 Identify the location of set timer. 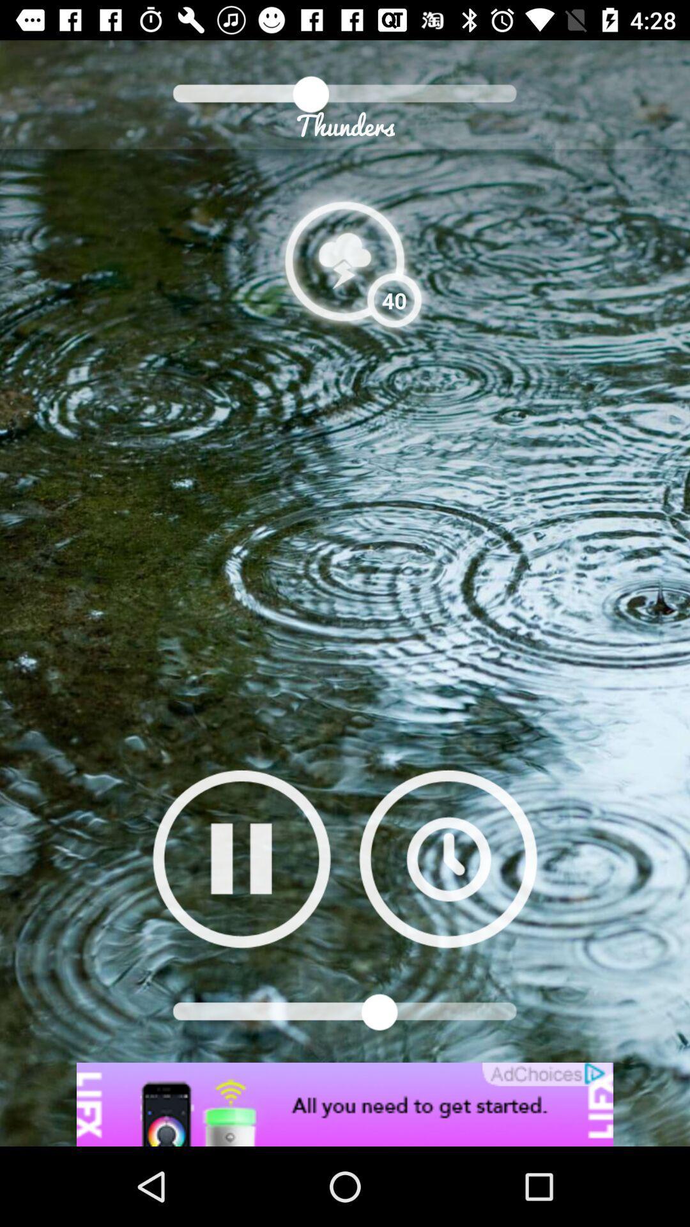
(447, 858).